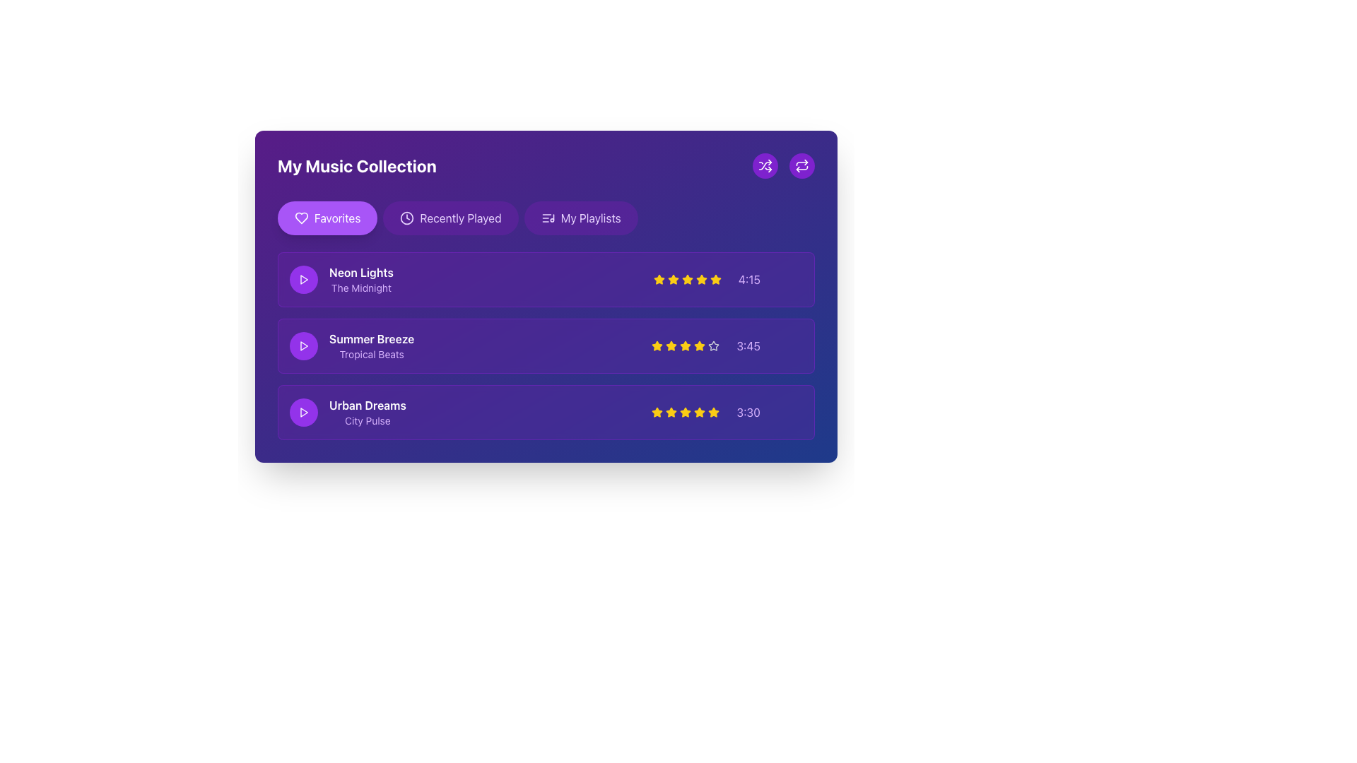 This screenshot has width=1357, height=763. I want to click on the fifth star-shaped icon in the star rating for the song 'Summer Breeze' by 'Tropical Beats', so click(714, 345).